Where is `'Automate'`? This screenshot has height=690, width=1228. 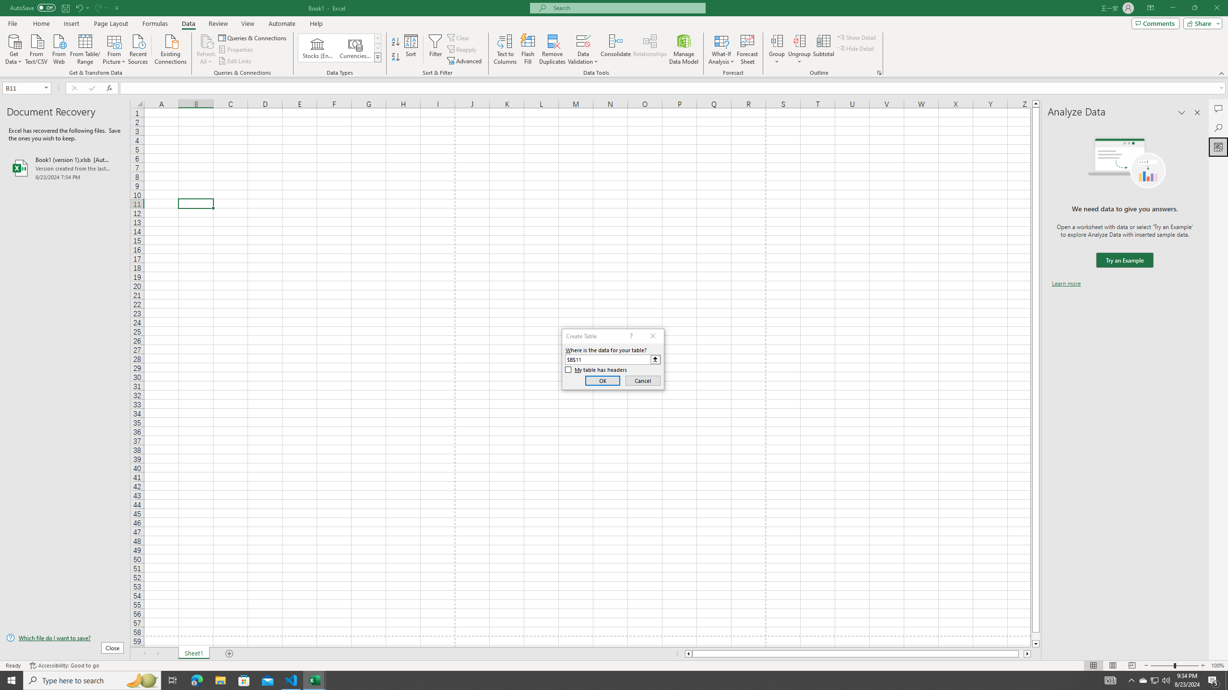
'Automate' is located at coordinates (282, 23).